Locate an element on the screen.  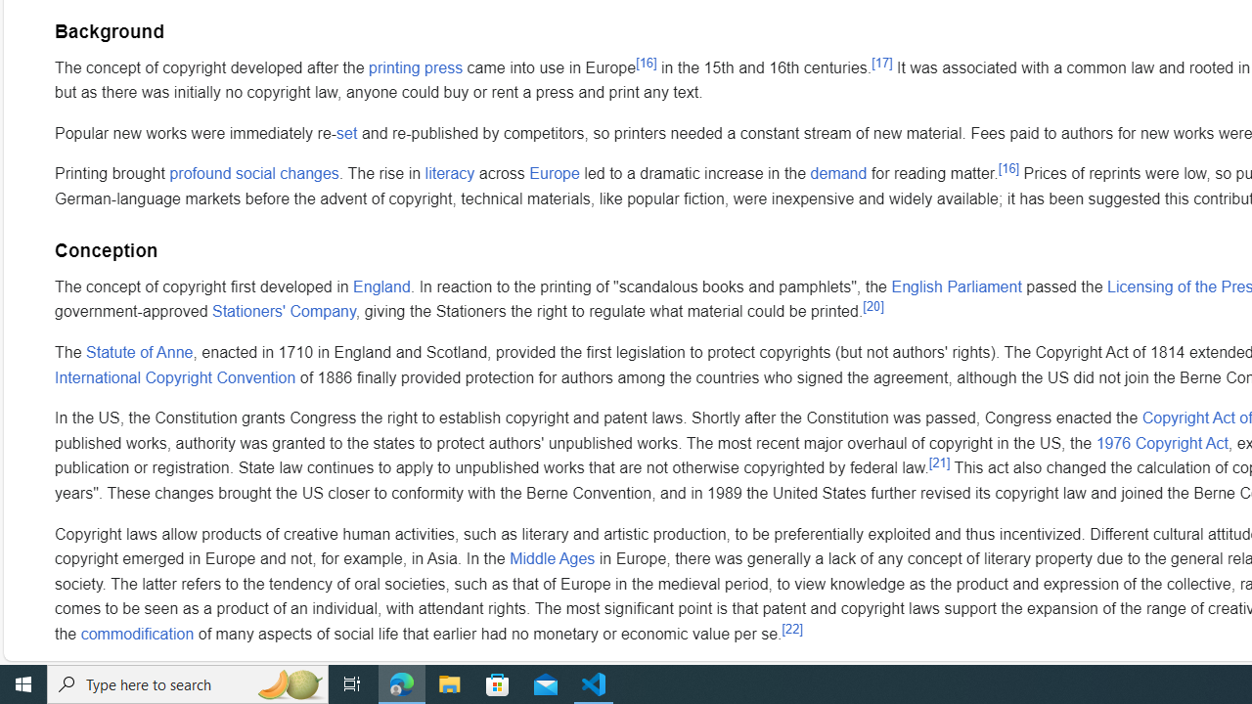
'[21]' is located at coordinates (939, 462).